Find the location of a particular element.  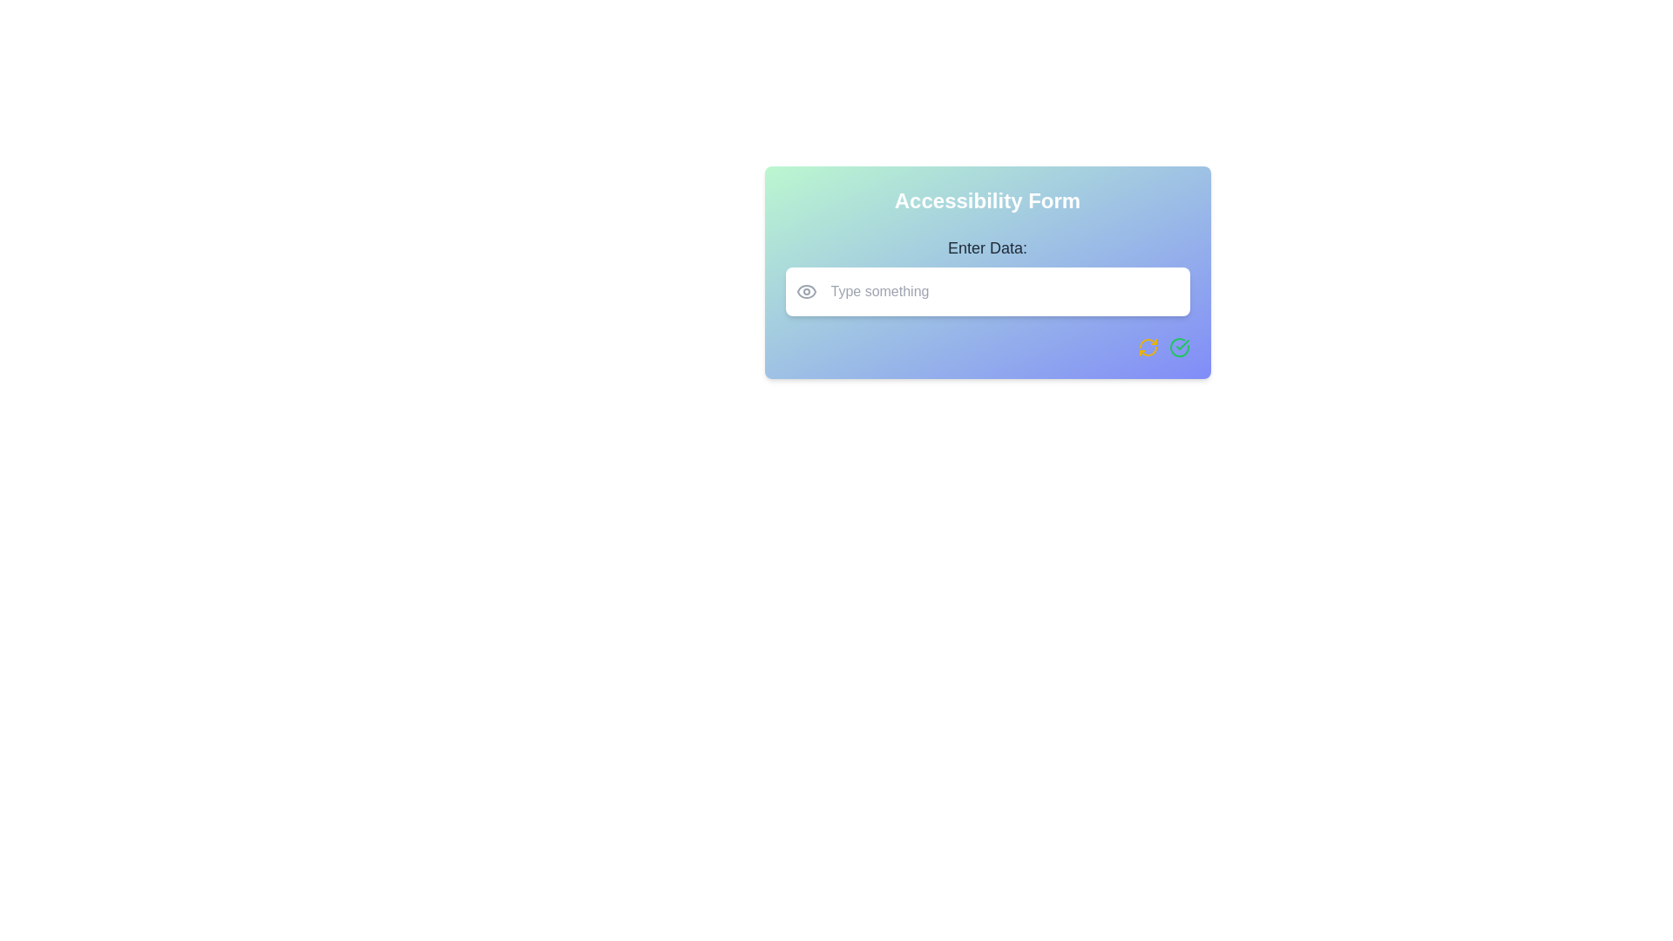

the Text Input Field located below the 'Enter Data:' text in the 'Accessibility Form' card to focus on it is located at coordinates (987, 274).